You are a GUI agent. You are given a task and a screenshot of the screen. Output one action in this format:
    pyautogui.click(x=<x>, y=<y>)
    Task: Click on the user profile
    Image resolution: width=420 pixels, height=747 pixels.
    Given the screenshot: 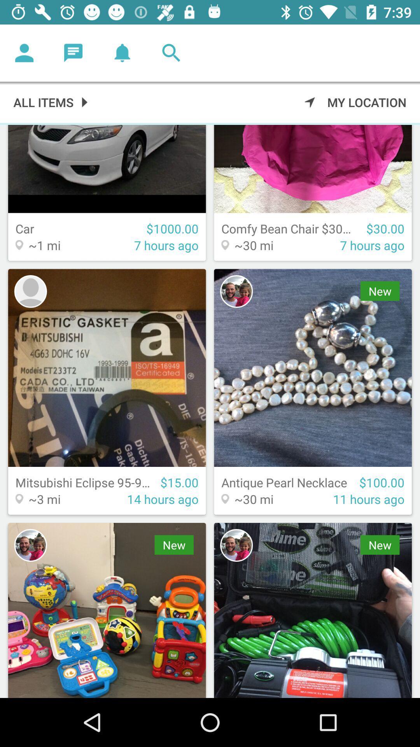 What is the action you would take?
    pyautogui.click(x=30, y=291)
    